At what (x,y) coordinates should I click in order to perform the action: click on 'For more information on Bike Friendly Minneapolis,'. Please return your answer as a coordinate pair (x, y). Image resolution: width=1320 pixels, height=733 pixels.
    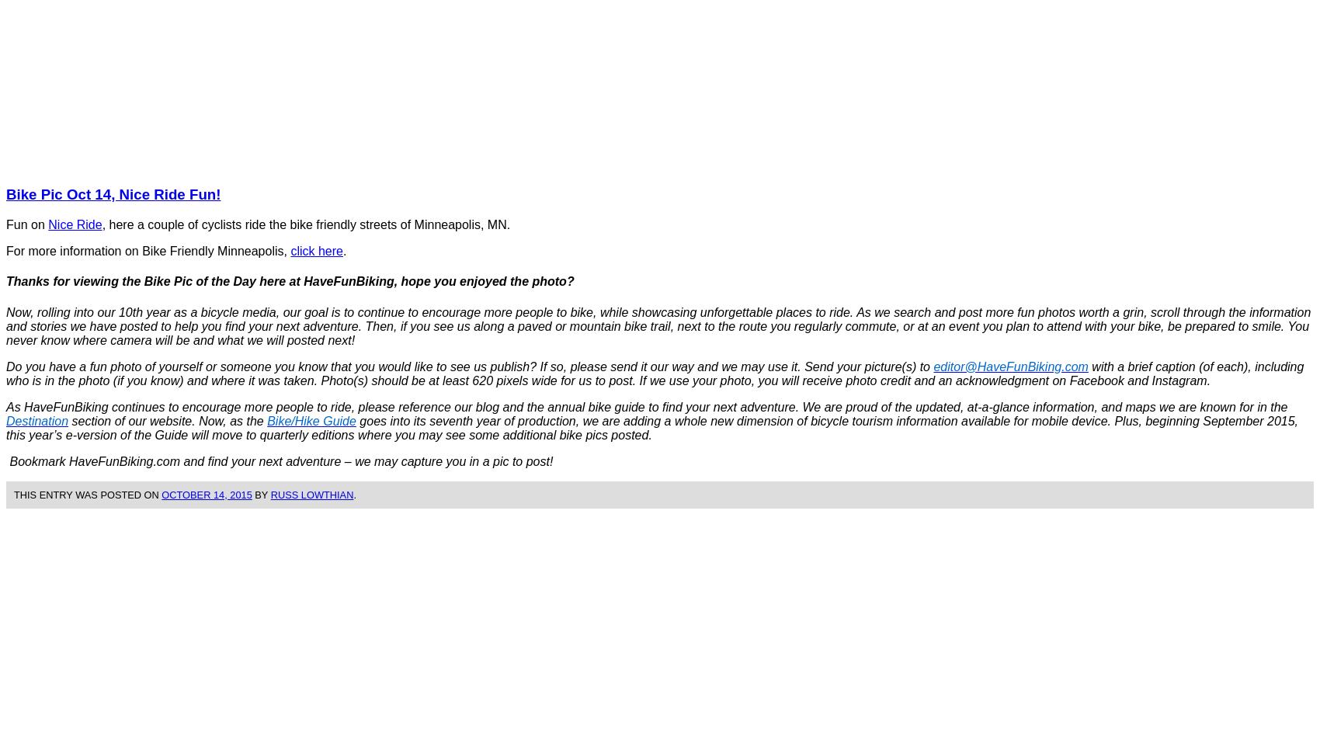
    Looking at the image, I should click on (5, 250).